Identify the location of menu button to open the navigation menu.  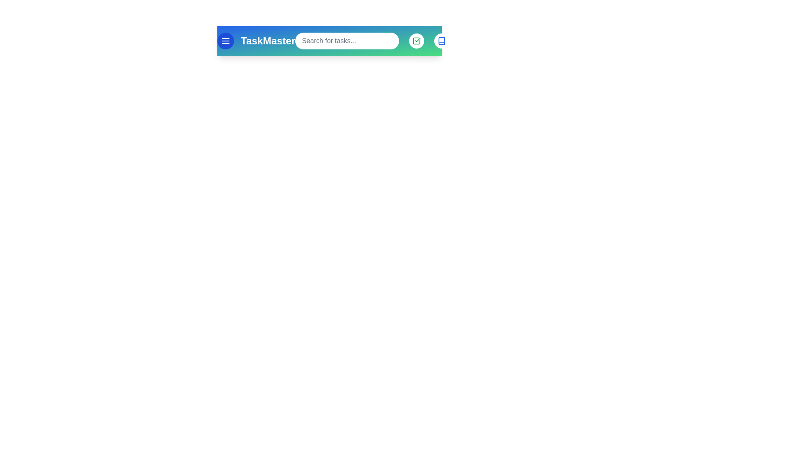
(225, 41).